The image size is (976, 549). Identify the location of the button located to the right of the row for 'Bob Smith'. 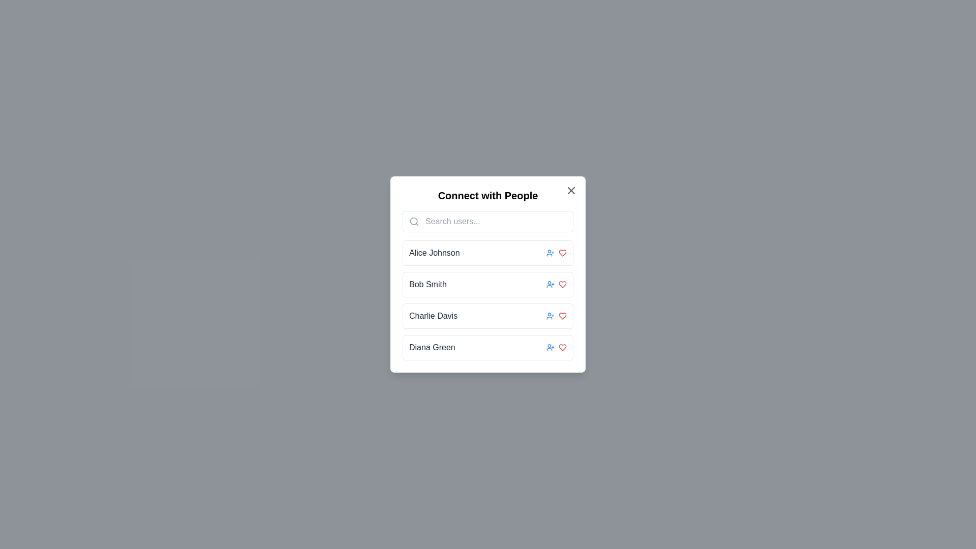
(550, 284).